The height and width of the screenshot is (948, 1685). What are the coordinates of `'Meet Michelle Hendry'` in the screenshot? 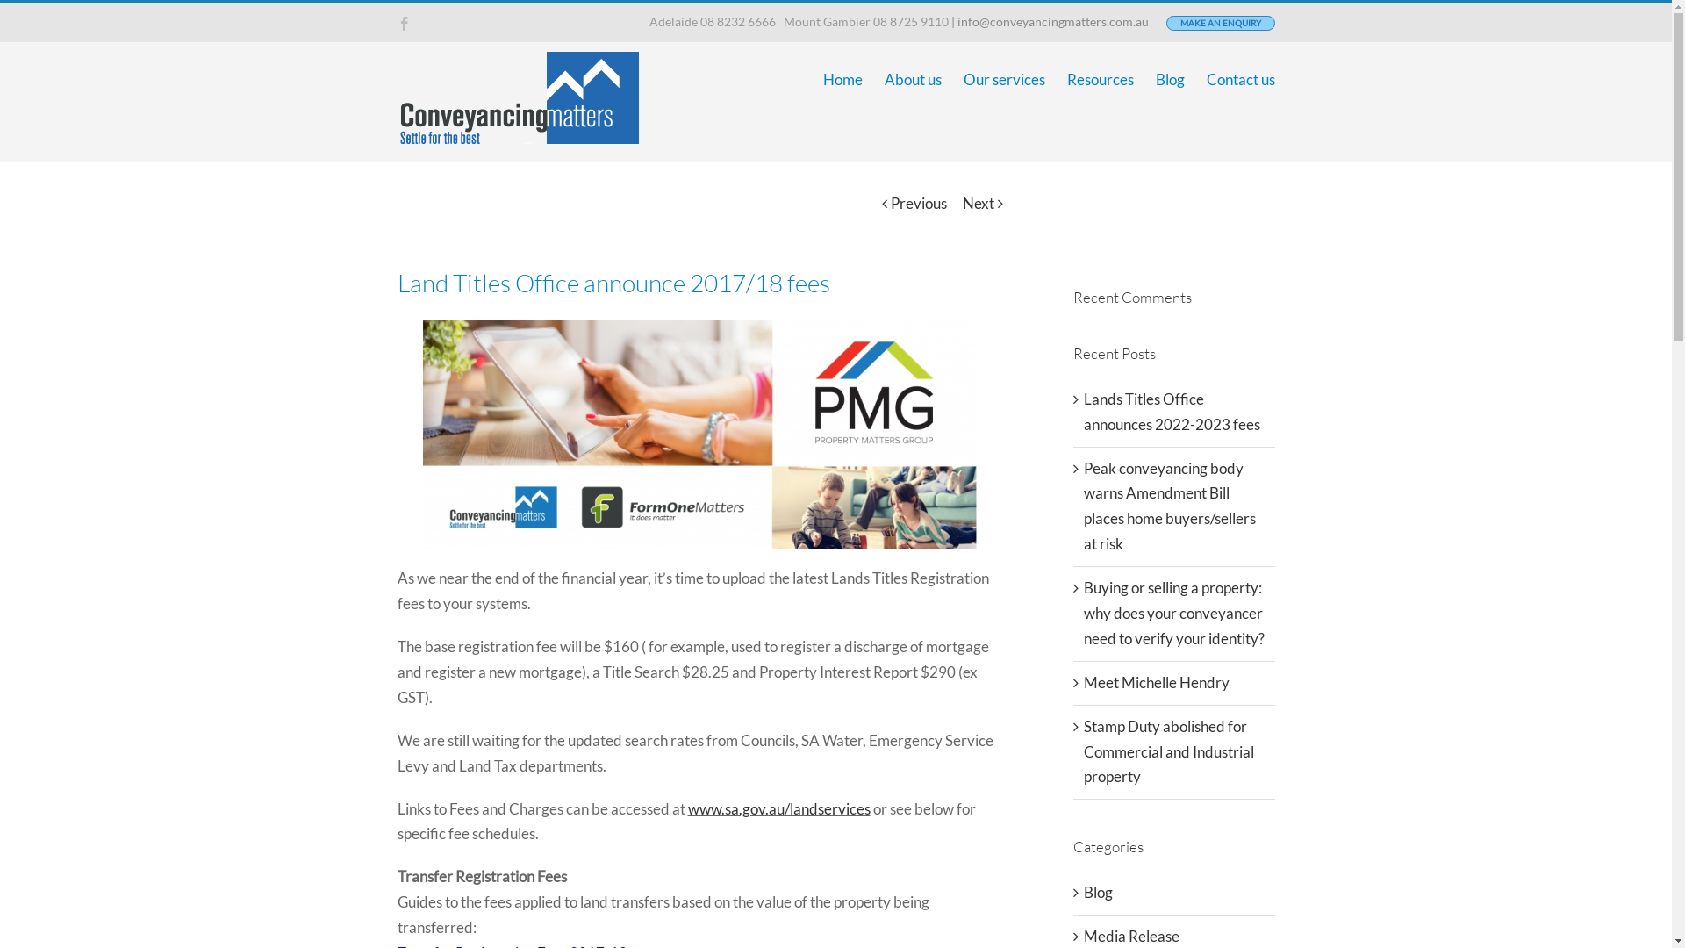 It's located at (1155, 681).